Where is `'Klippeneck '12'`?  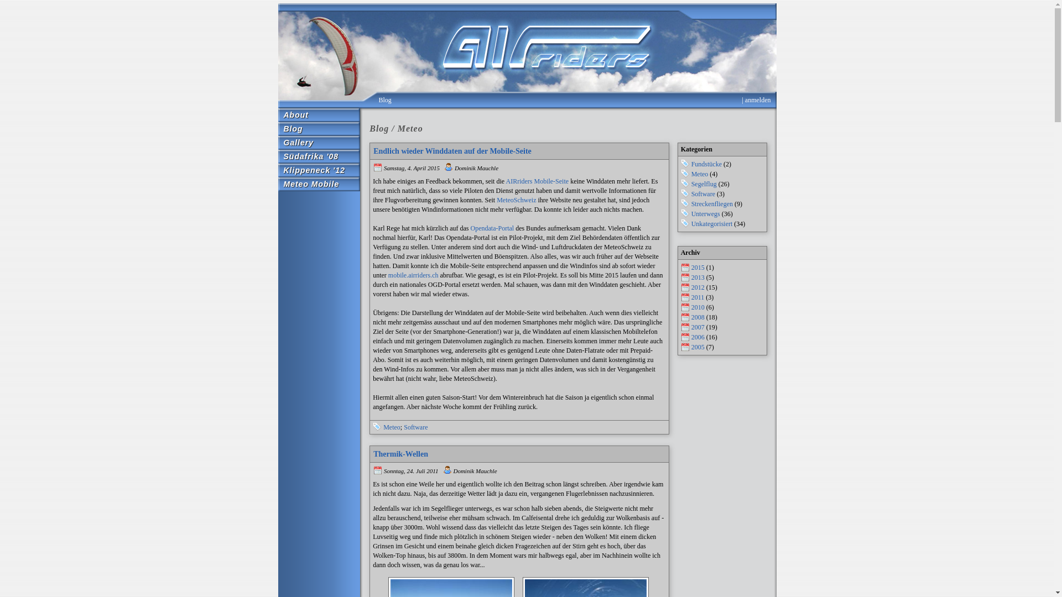 'Klippeneck '12' is located at coordinates (318, 169).